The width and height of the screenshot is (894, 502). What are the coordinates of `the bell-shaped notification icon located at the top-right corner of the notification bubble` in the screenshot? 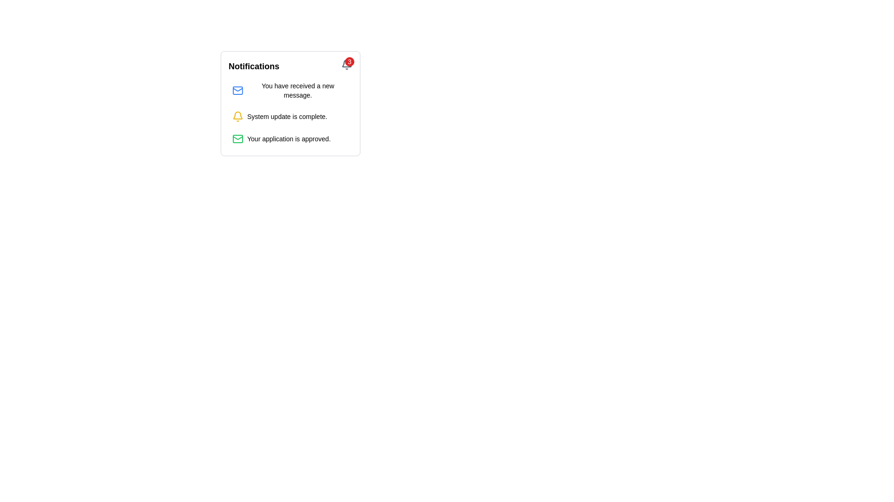 It's located at (346, 64).